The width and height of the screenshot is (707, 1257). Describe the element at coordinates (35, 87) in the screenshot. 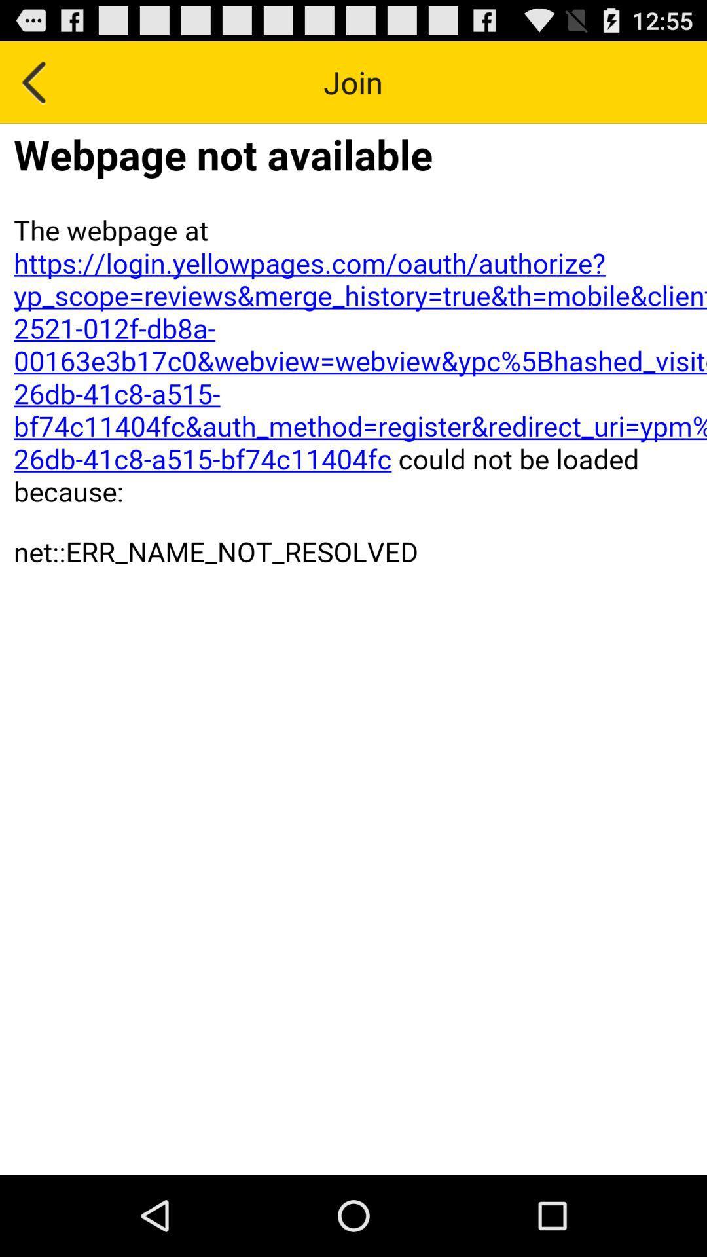

I see `the arrow_backward icon` at that location.